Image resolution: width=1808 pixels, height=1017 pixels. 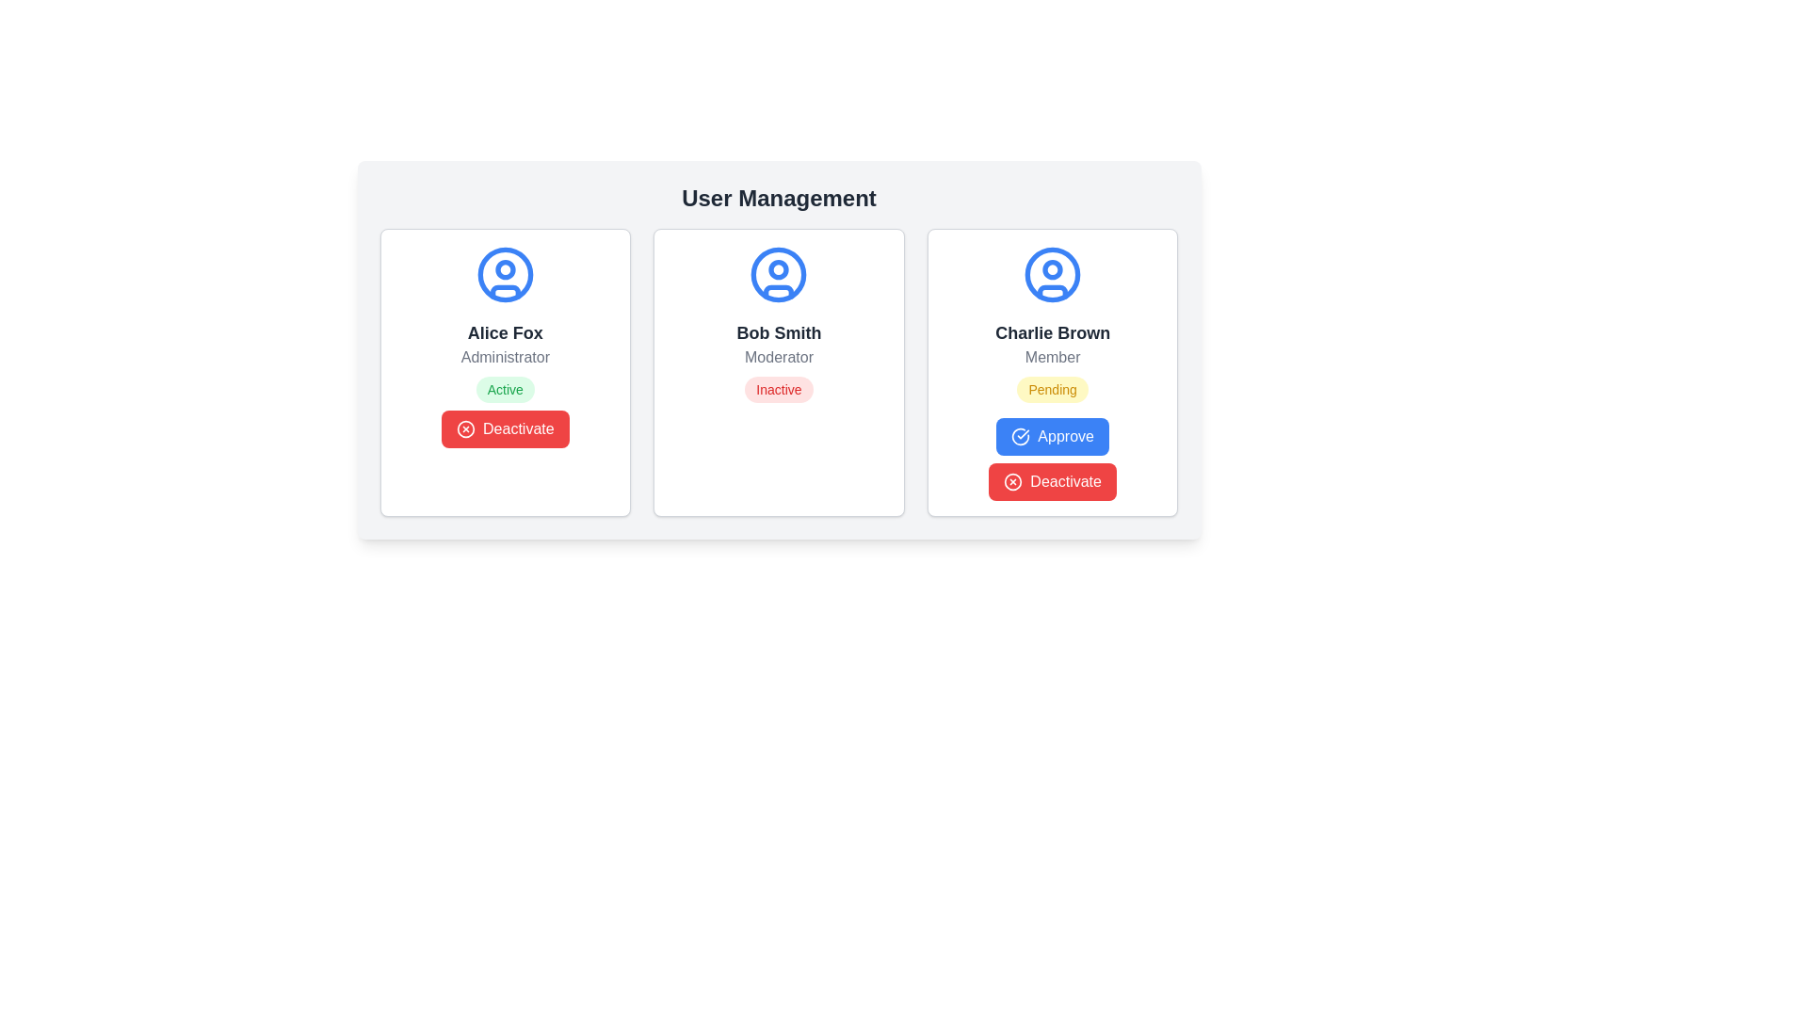 I want to click on the small circular graphic element that represents the head of the user icon in the 'Charlie Brown' card within the user management grid, so click(x=1052, y=269).